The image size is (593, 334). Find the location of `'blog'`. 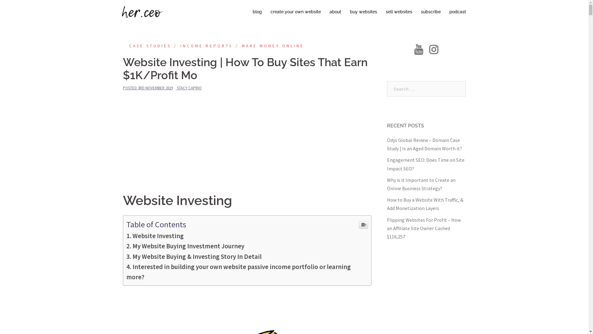

'blog' is located at coordinates (252, 12).